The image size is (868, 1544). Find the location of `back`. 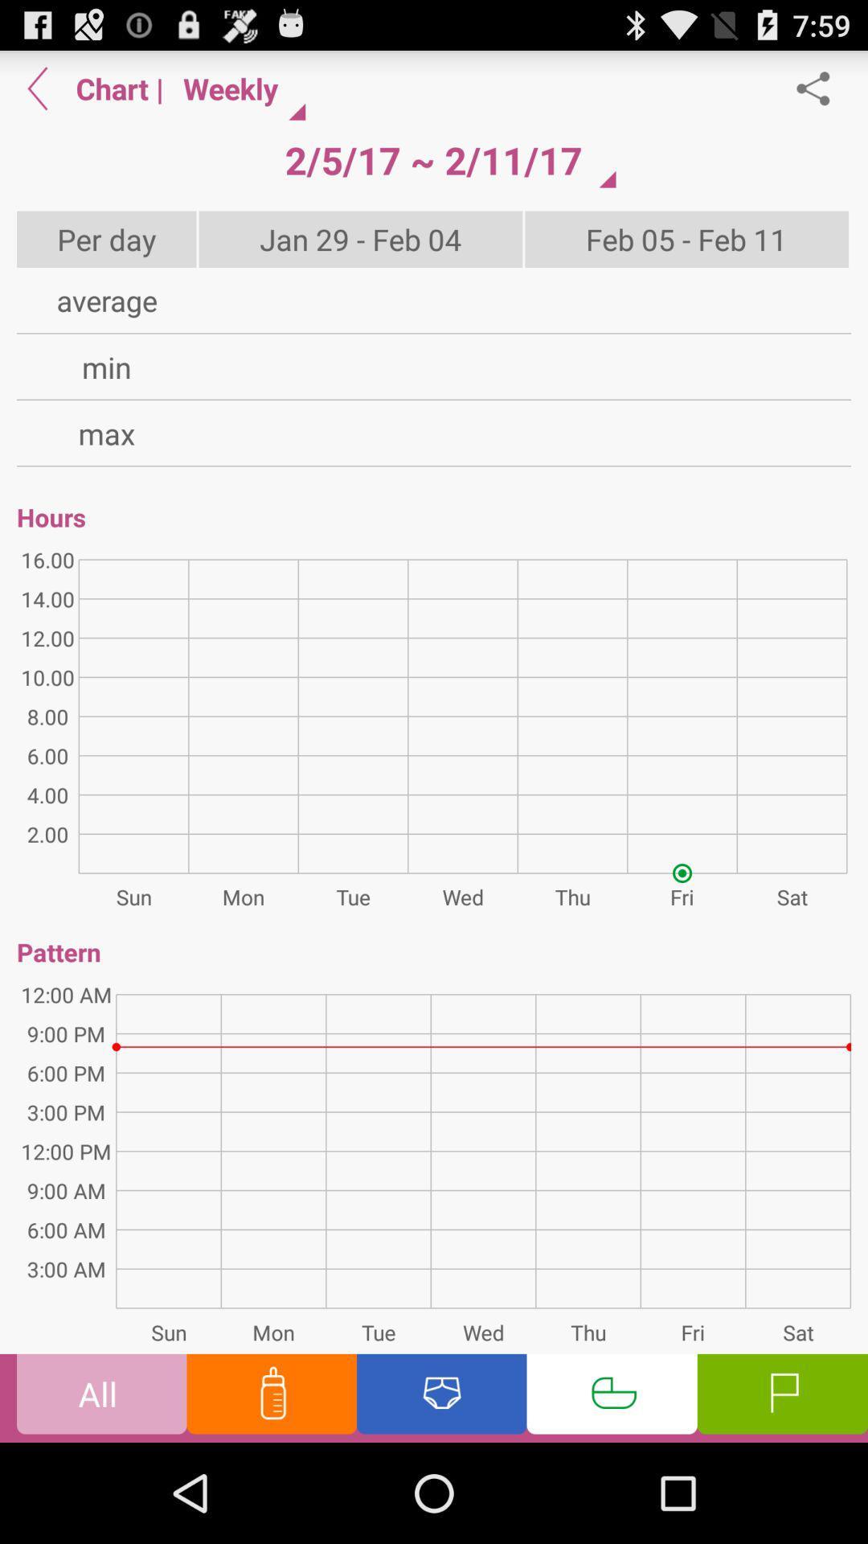

back is located at coordinates (37, 88).